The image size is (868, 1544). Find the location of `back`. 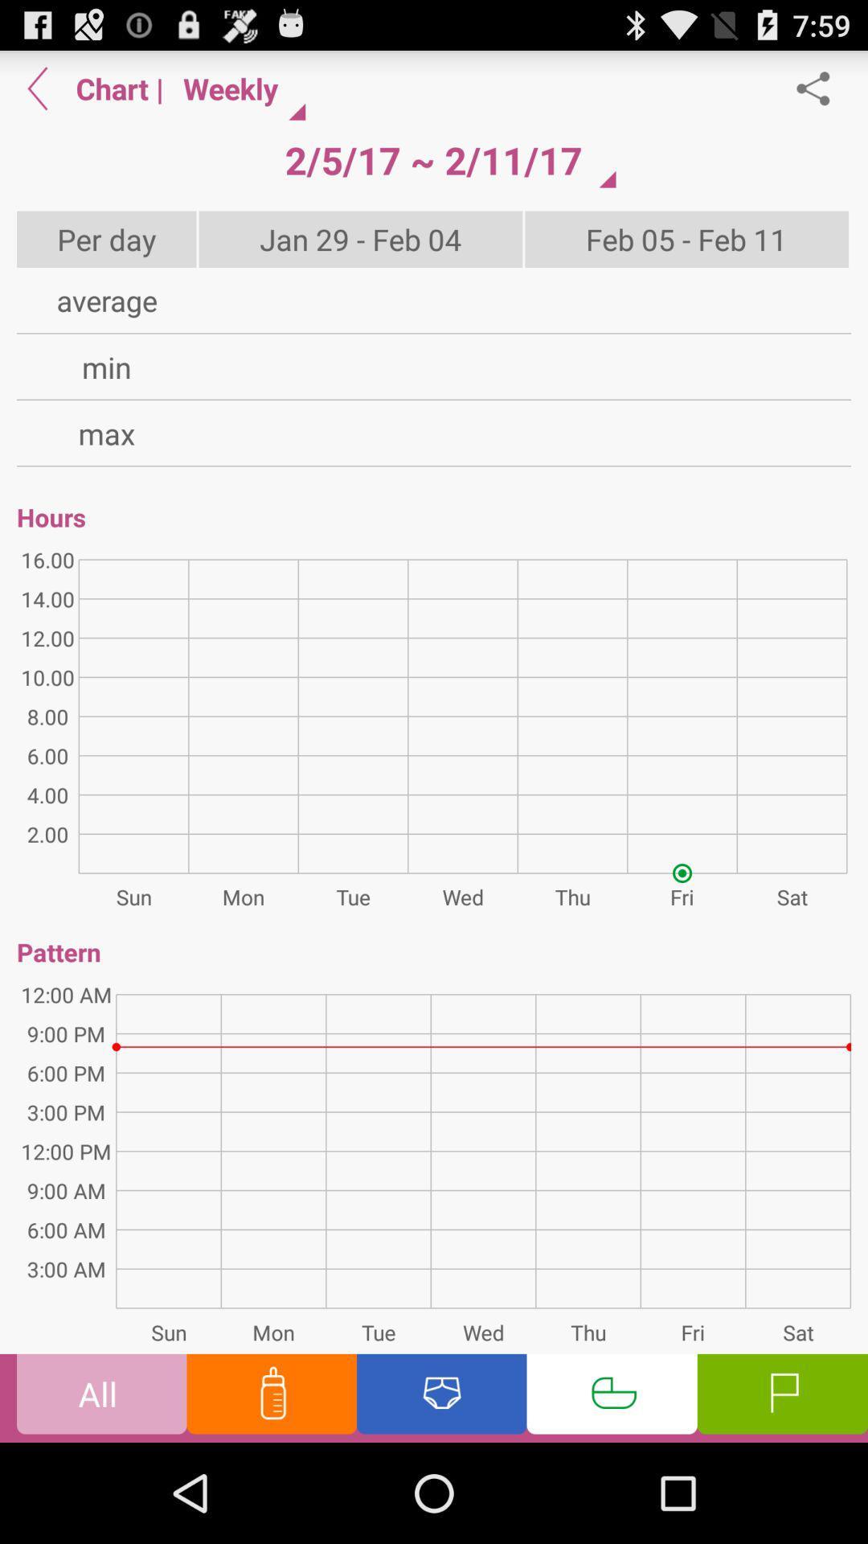

back is located at coordinates (37, 88).